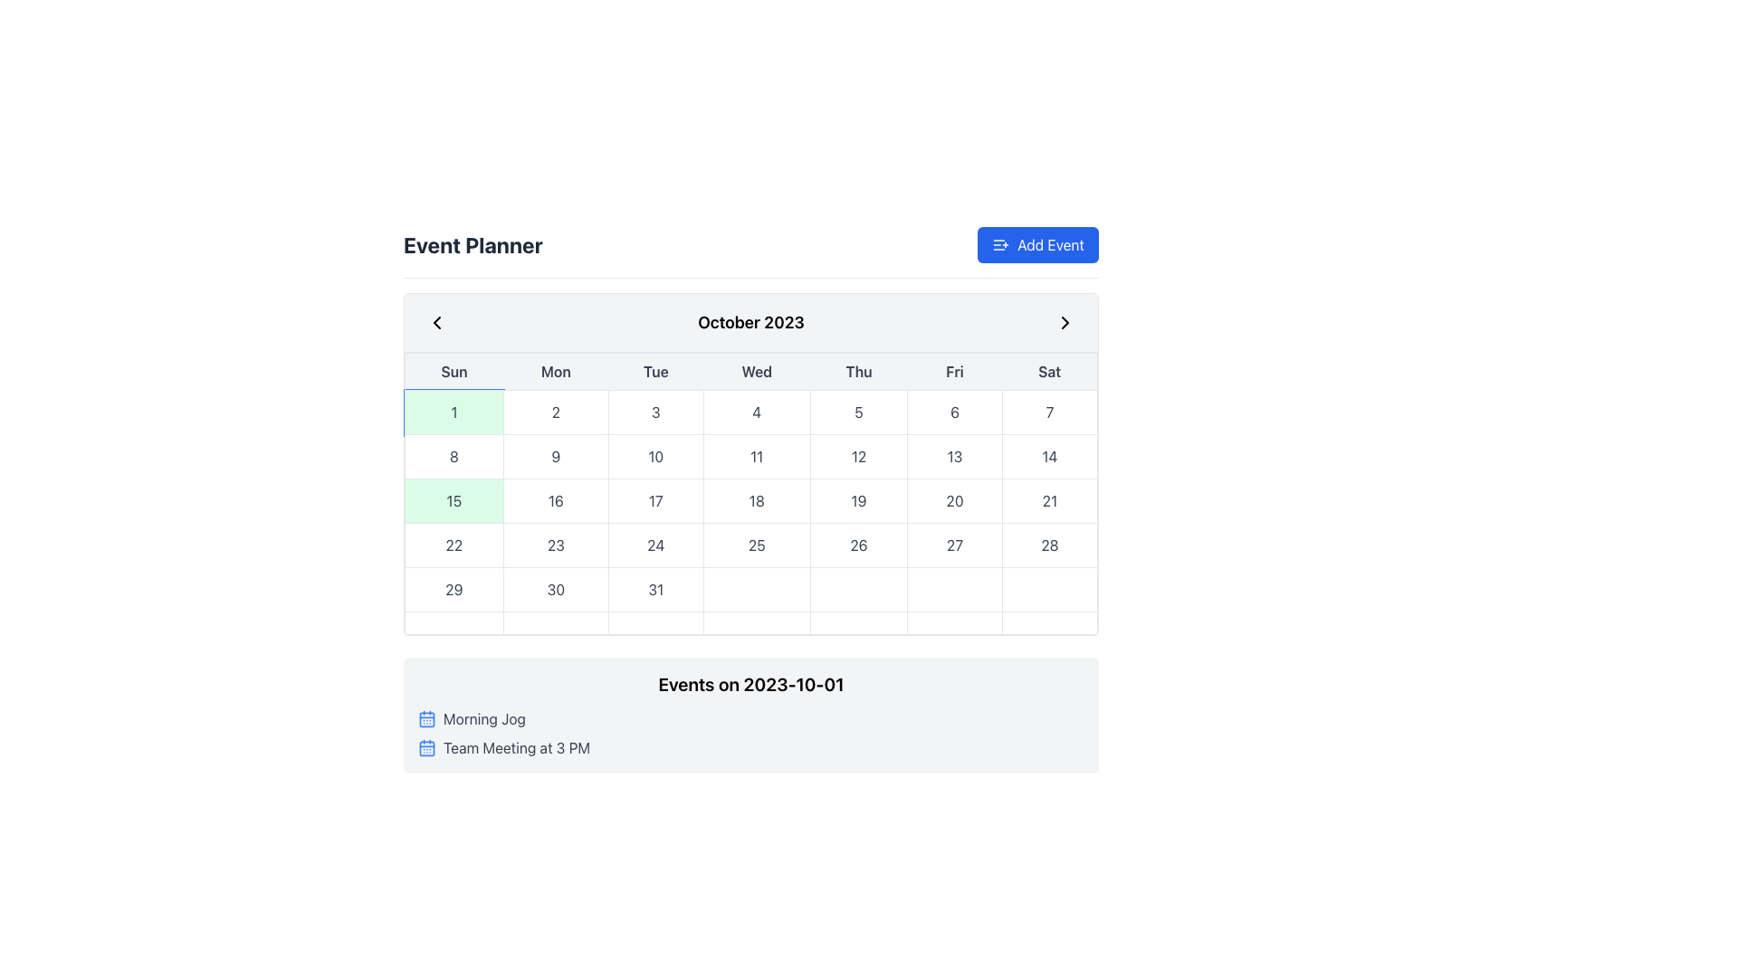 Image resolution: width=1738 pixels, height=977 pixels. Describe the element at coordinates (555, 589) in the screenshot. I see `the calendar date cell representing the date '30'` at that location.